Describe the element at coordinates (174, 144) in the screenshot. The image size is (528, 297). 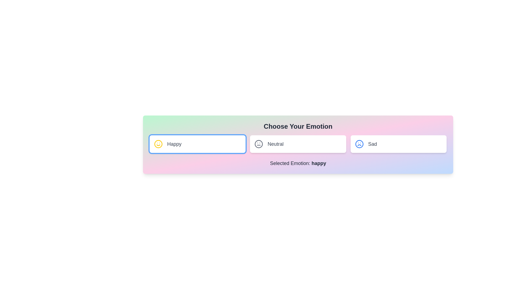
I see `the text label that indicates the state or mood of a clickable card representing happiness, which is centrally aligned within its rectangular card and located to the right of a yellow smiley face graphic` at that location.